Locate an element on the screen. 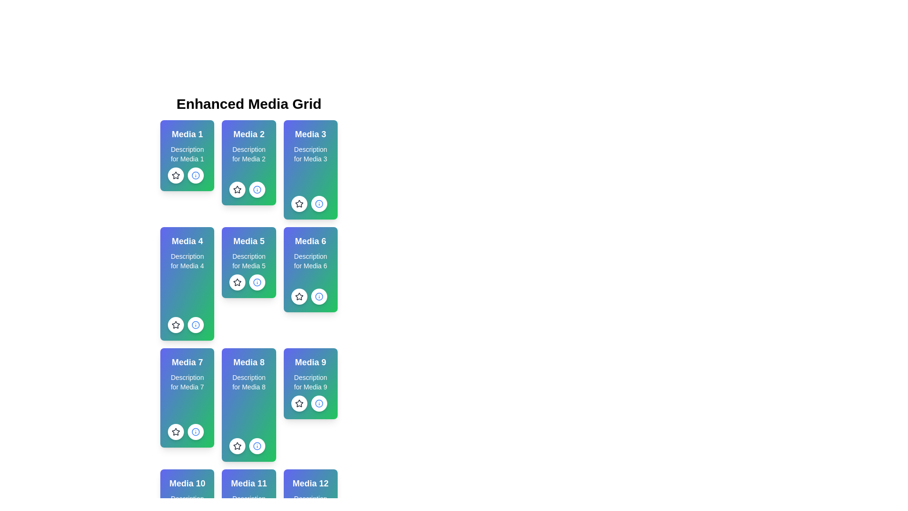 Image resolution: width=908 pixels, height=511 pixels. the help button located at the bottom-right corner of the Media 5 card is located at coordinates (257, 282).